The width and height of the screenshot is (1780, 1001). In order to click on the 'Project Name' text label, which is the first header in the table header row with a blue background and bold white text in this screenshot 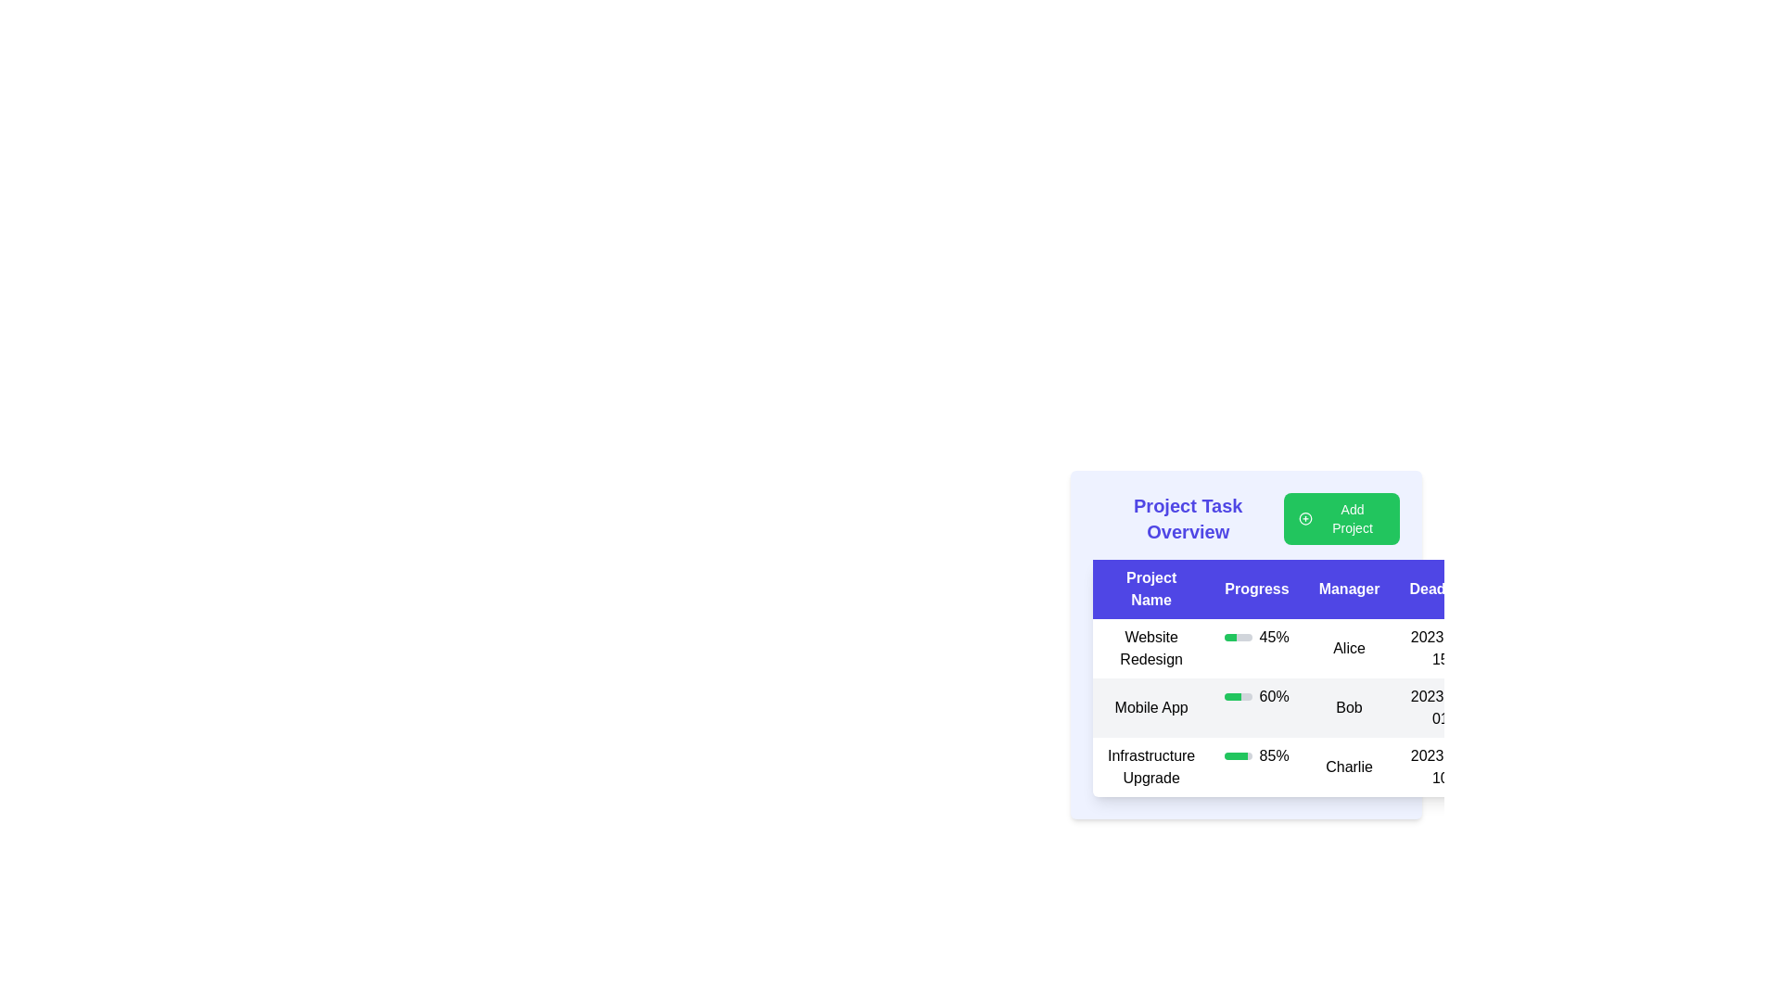, I will do `click(1151, 589)`.